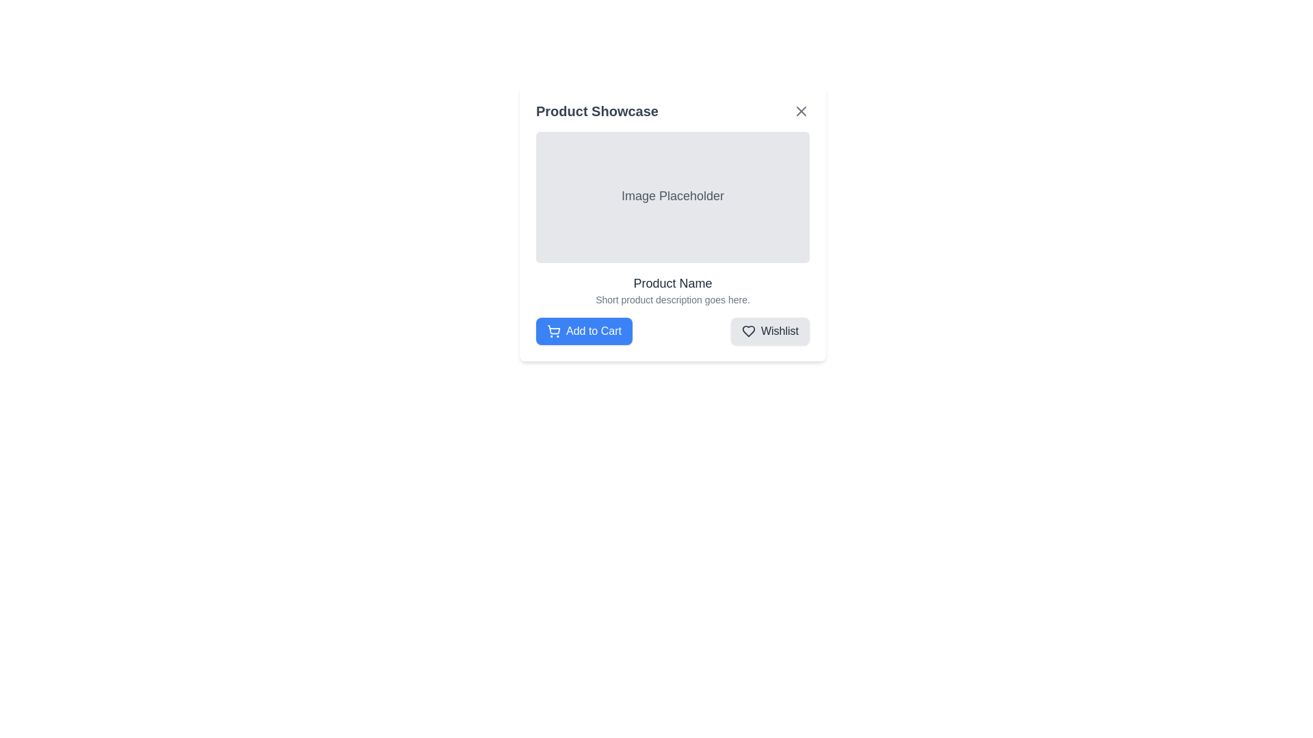  I want to click on the 'Wishlist' button featuring a heart icon and labeled 'Wishlist', so click(770, 331).